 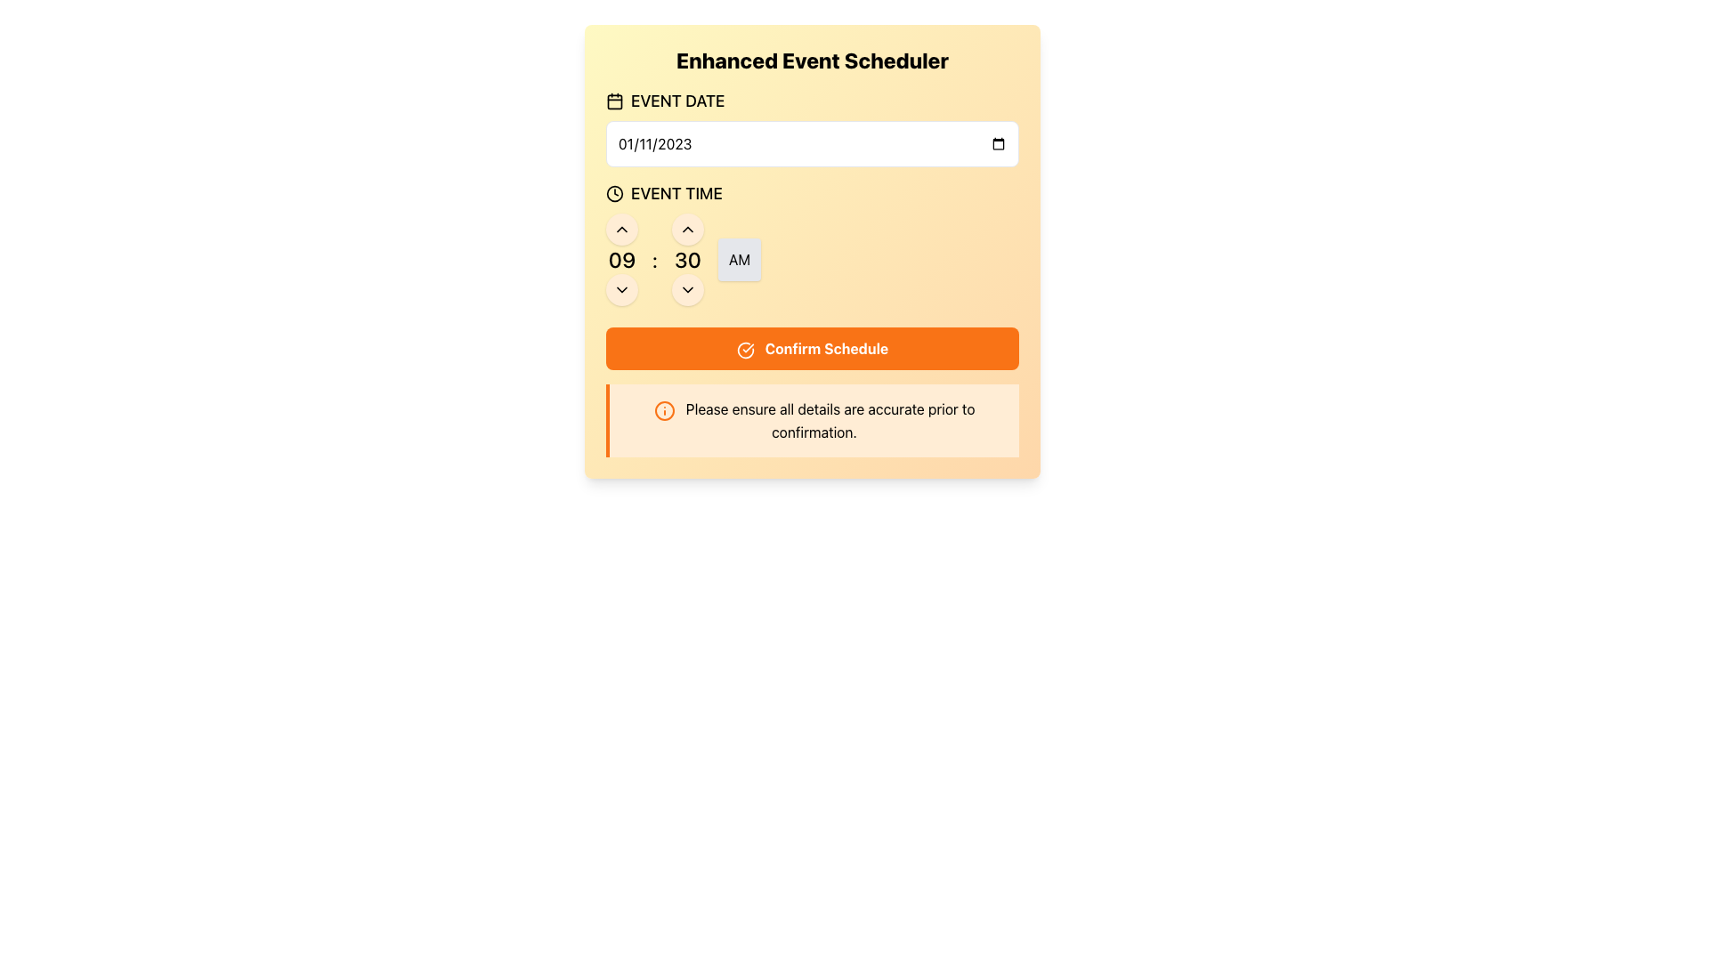 I want to click on the icon representing a circle with a checkmark inside, located within the 'Confirm Schedule' button, which is positioned to the left of the button's text, so click(x=745, y=350).